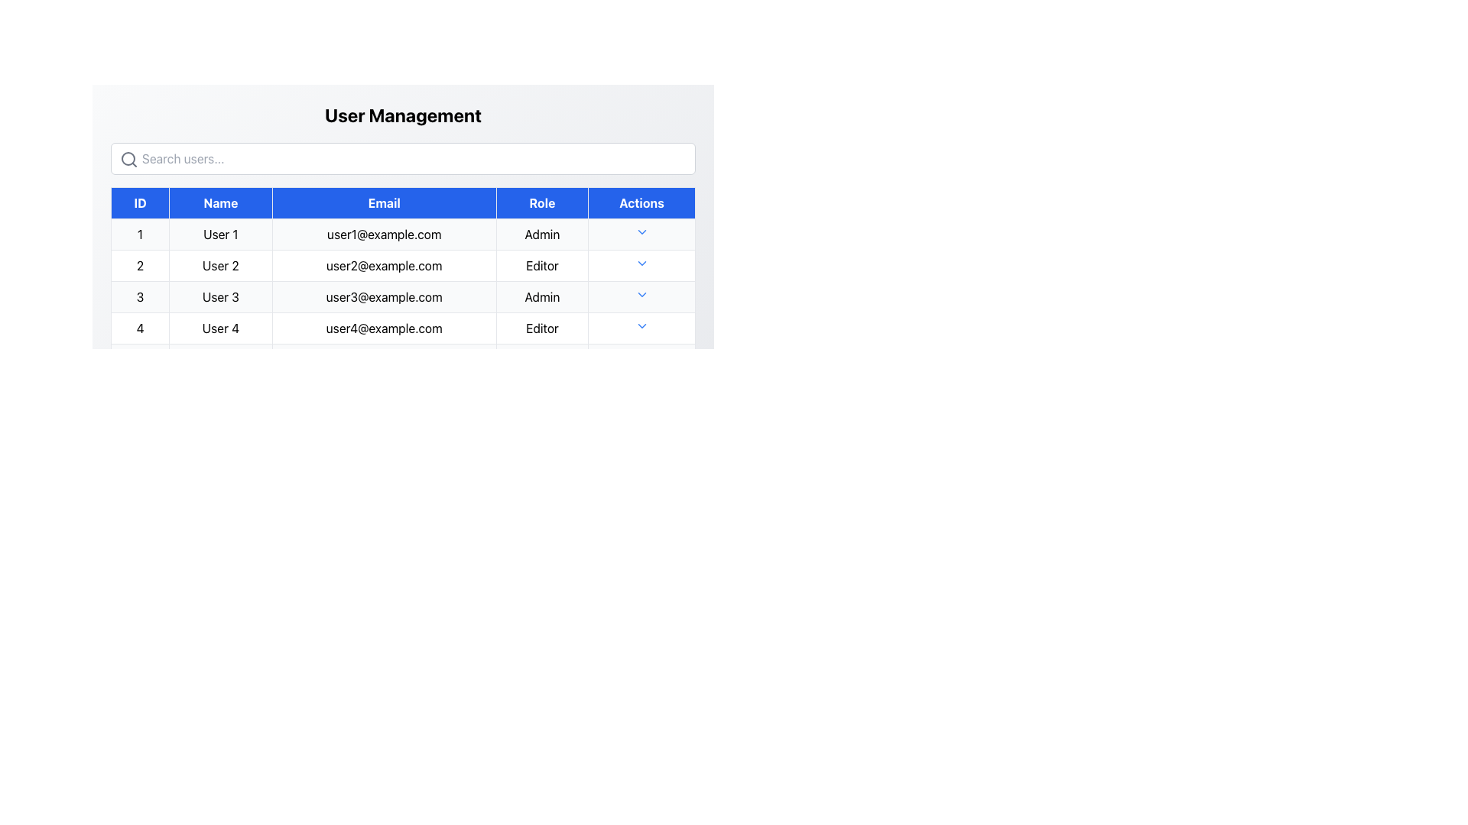  I want to click on the Text Label that identifies the ID or sequence of the fourth row in the table, located in the first column adjacent to 'User 4', so click(140, 327).